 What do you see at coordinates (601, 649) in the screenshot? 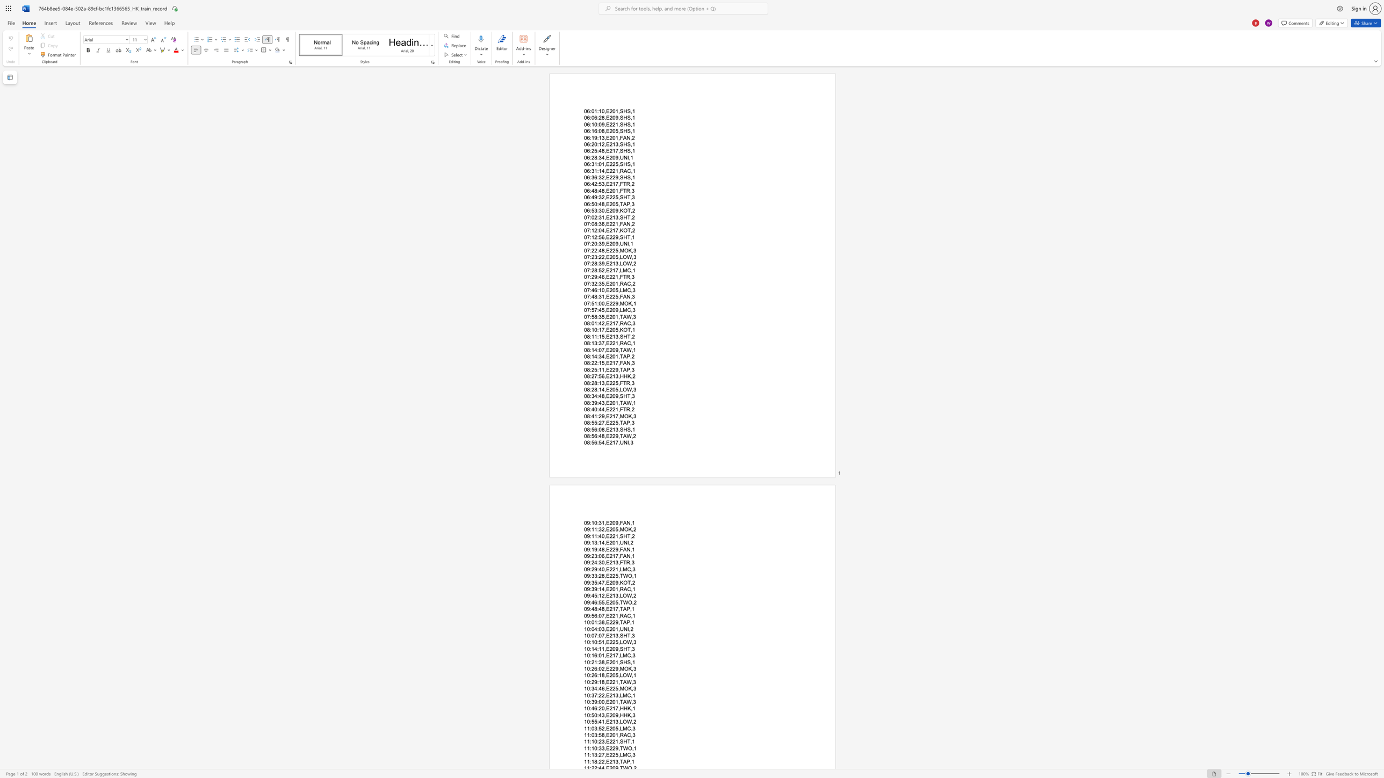
I see `the space between the continuous character "1" and "1" in the text` at bounding box center [601, 649].